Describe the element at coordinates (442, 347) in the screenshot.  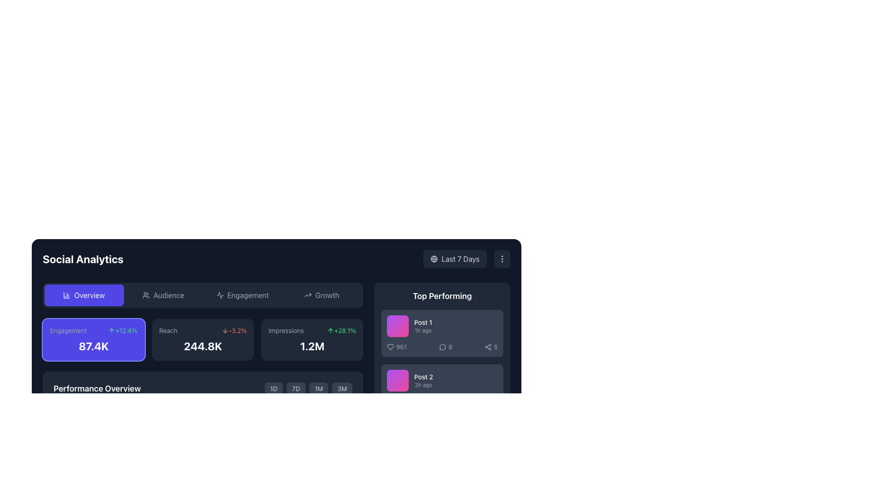
I see `the comment indicator icon located in the 'Top Performing' section next to the numeric value on Post 1` at that location.